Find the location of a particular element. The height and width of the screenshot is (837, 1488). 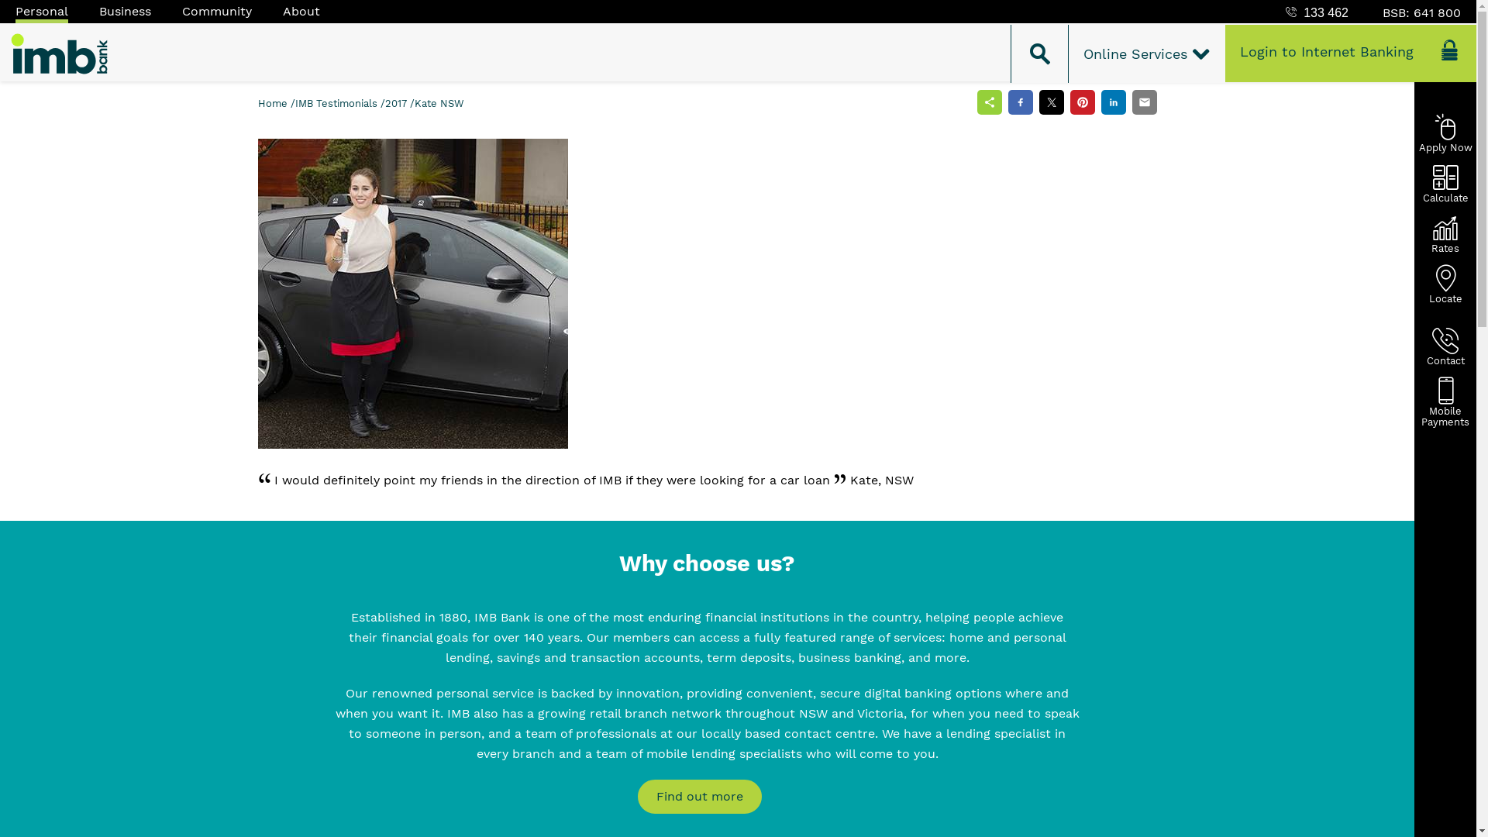

'Contact' is located at coordinates (1445, 345).